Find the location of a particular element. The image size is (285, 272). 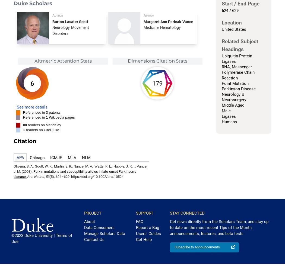

'Neurology, Movement Disorders' is located at coordinates (71, 30).